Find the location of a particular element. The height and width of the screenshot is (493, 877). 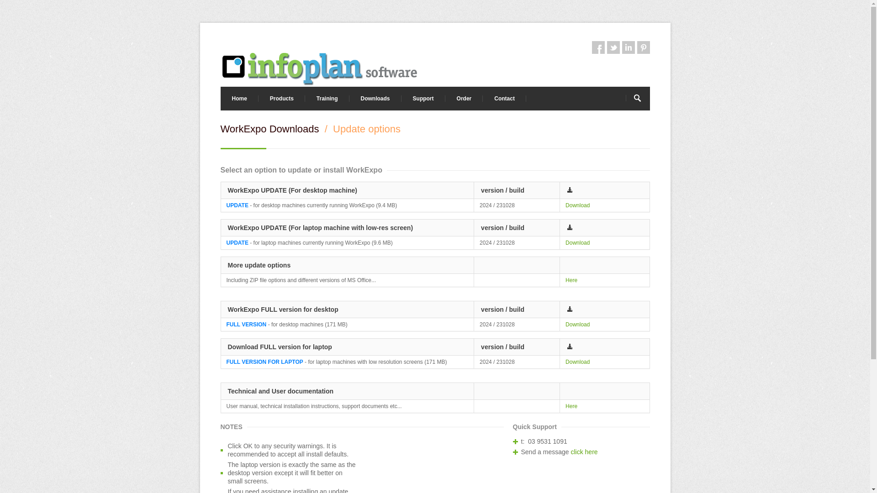

'Download' is located at coordinates (565, 324).